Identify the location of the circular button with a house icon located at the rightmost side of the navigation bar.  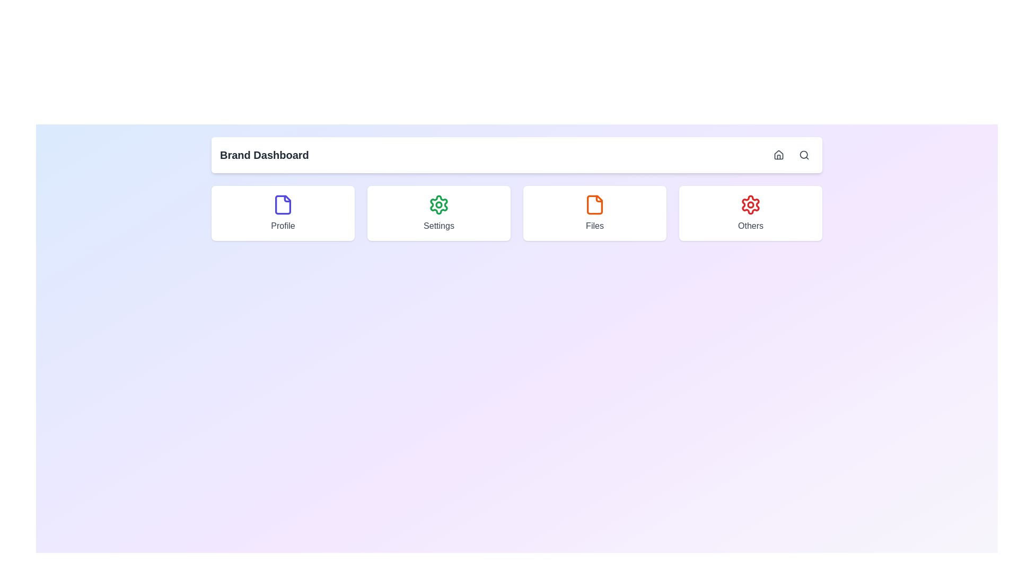
(778, 155).